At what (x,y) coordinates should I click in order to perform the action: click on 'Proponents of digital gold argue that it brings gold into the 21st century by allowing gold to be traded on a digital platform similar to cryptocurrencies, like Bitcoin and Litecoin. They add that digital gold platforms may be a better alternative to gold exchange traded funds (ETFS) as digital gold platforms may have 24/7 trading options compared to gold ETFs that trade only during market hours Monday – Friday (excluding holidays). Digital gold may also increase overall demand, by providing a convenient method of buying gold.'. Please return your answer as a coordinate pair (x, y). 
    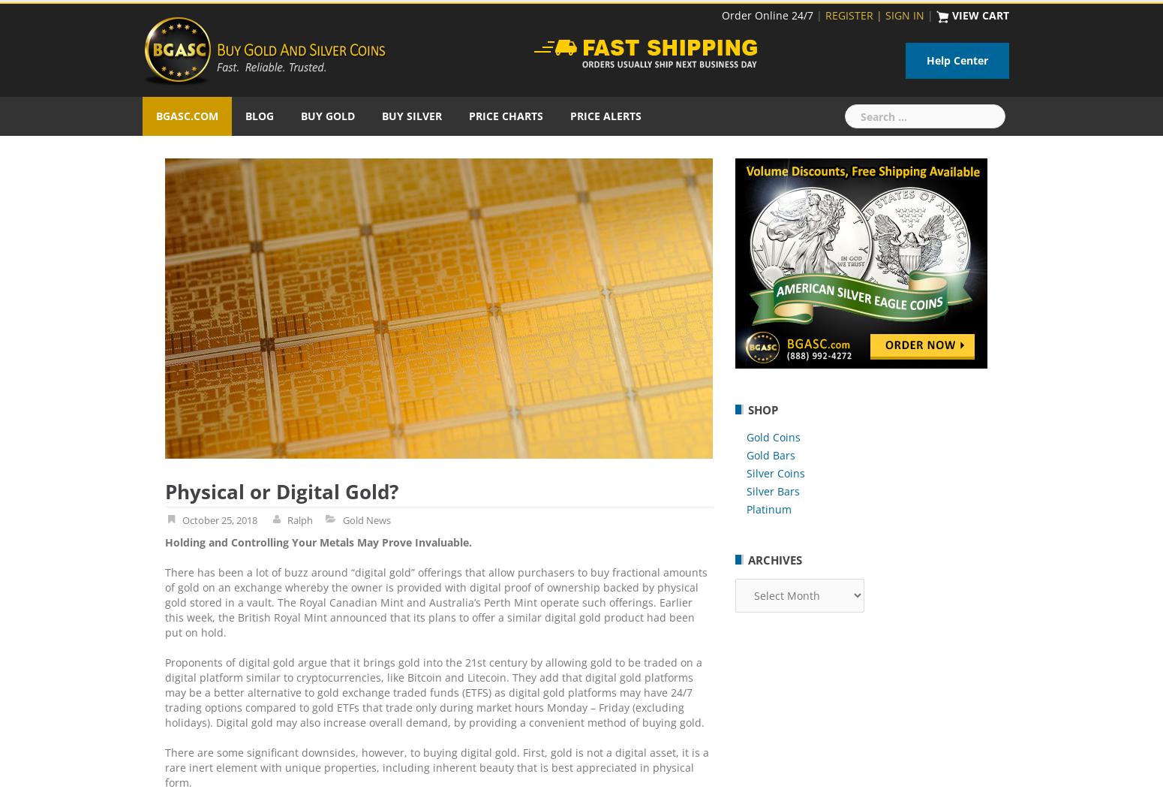
    Looking at the image, I should click on (434, 692).